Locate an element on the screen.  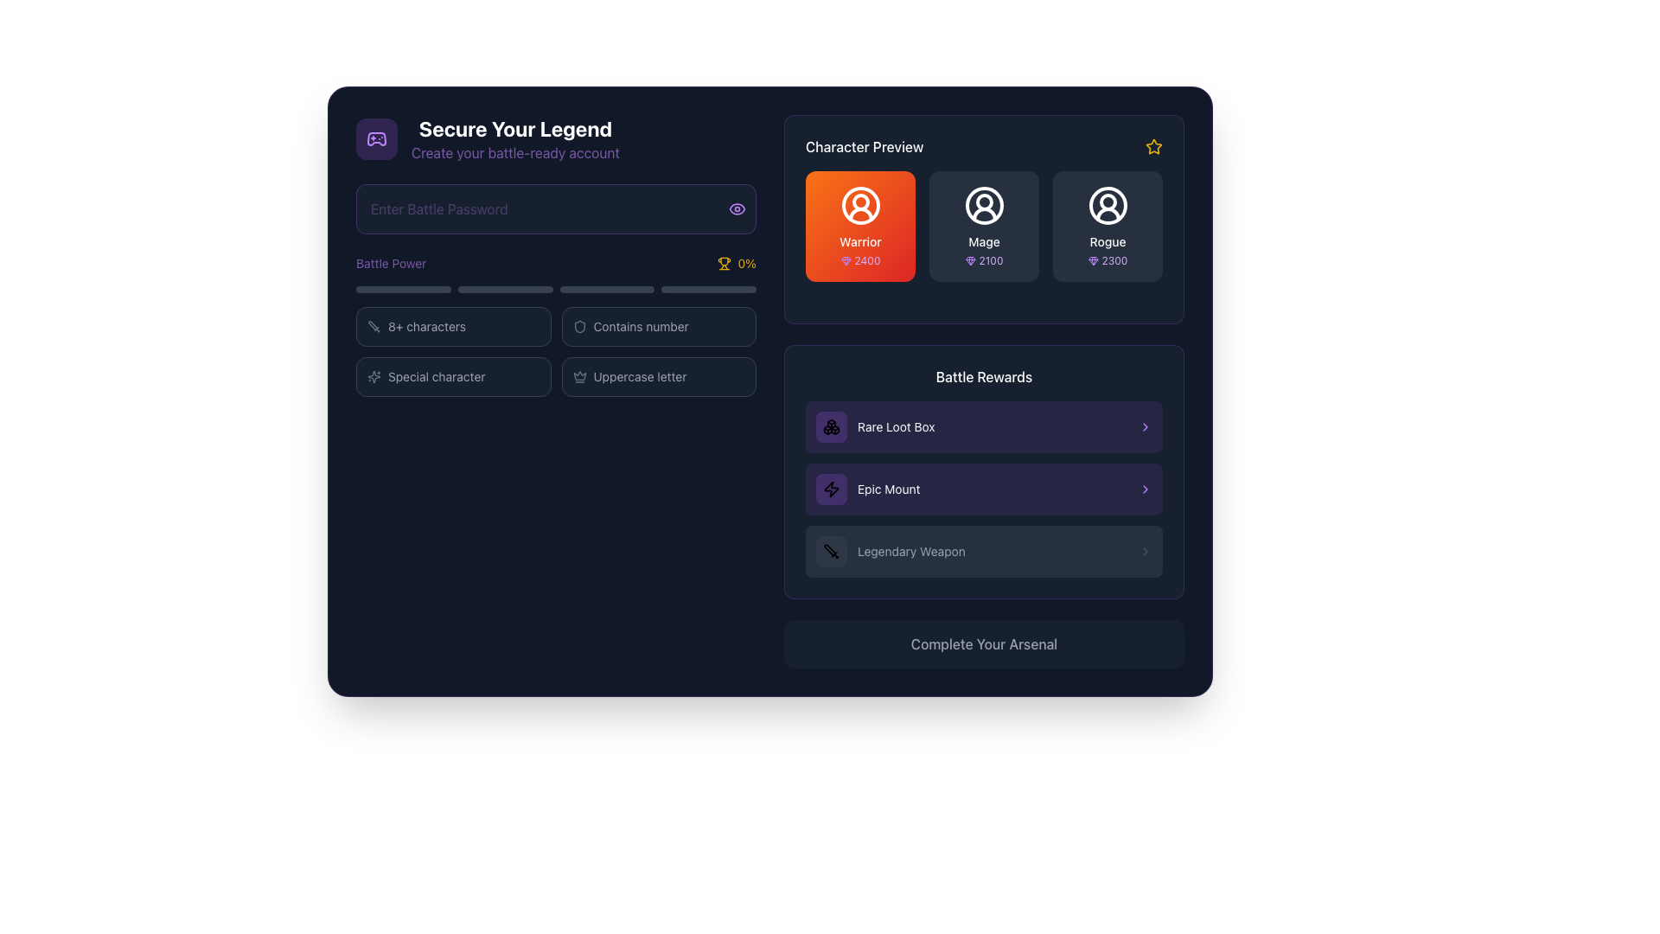
the indicator box that requires an uppercase letter in the password, located in the second row and second column of the grid, to the right of the 'Special character' box and below the 'Contains number' box is located at coordinates (658, 375).